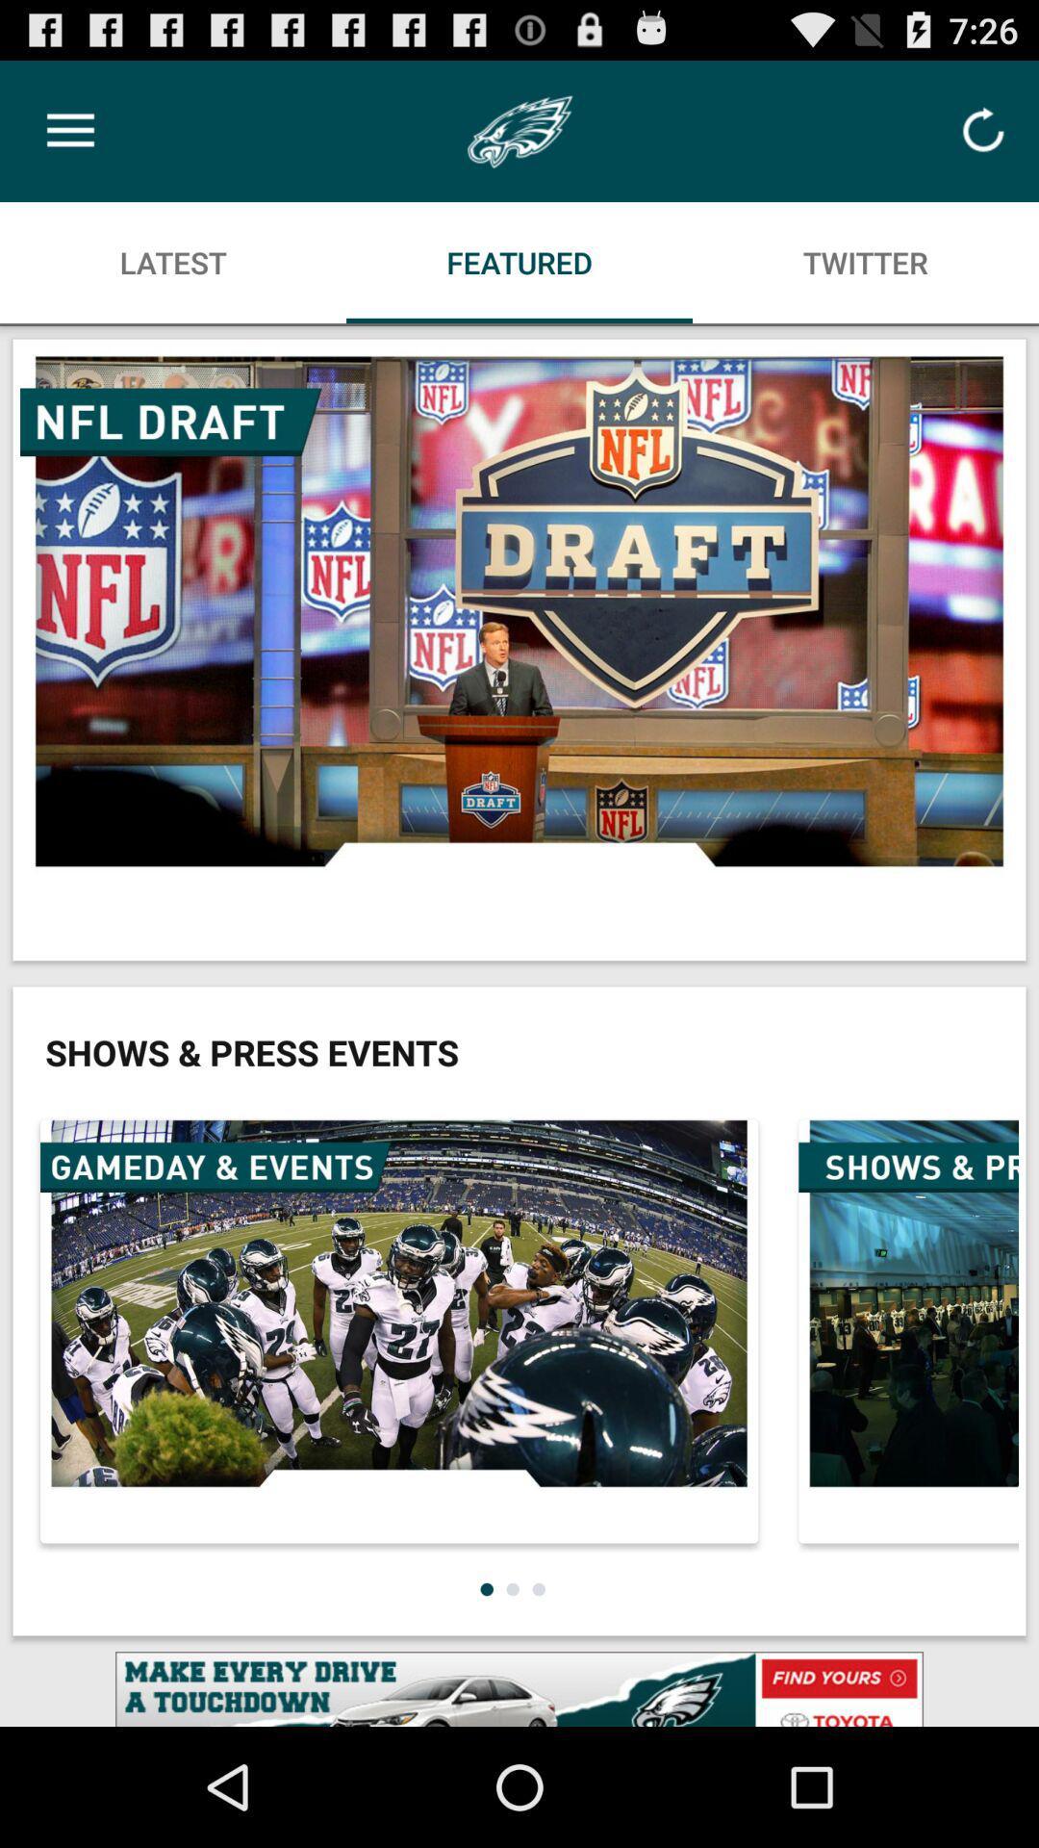 The image size is (1039, 1848). Describe the element at coordinates (69, 130) in the screenshot. I see `the item above latest icon` at that location.